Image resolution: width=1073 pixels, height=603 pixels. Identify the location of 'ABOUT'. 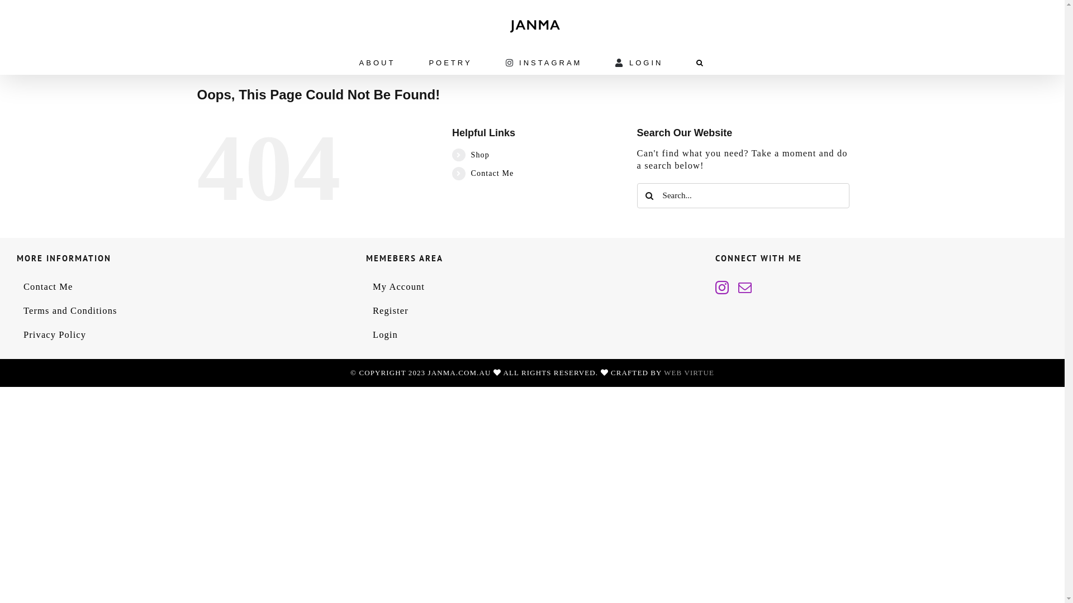
(377, 62).